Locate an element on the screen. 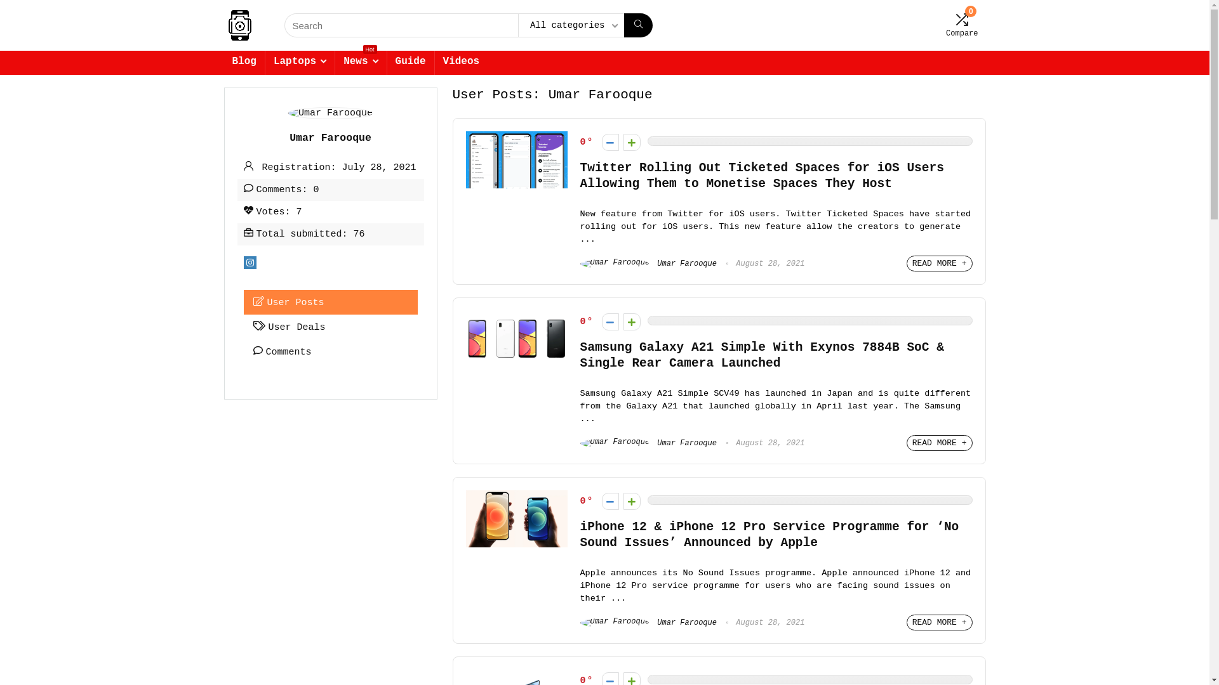 The height and width of the screenshot is (685, 1219). 'Vote down' is located at coordinates (601, 500).